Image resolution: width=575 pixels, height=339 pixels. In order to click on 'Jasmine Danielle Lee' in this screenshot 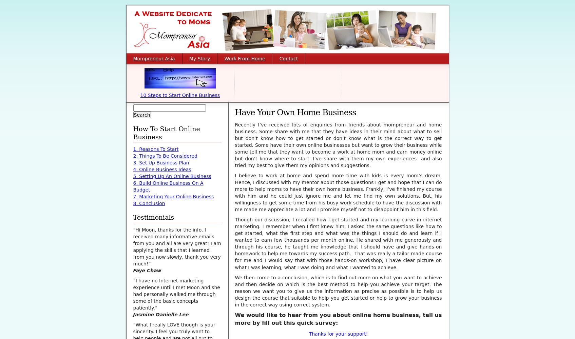, I will do `click(133, 315)`.